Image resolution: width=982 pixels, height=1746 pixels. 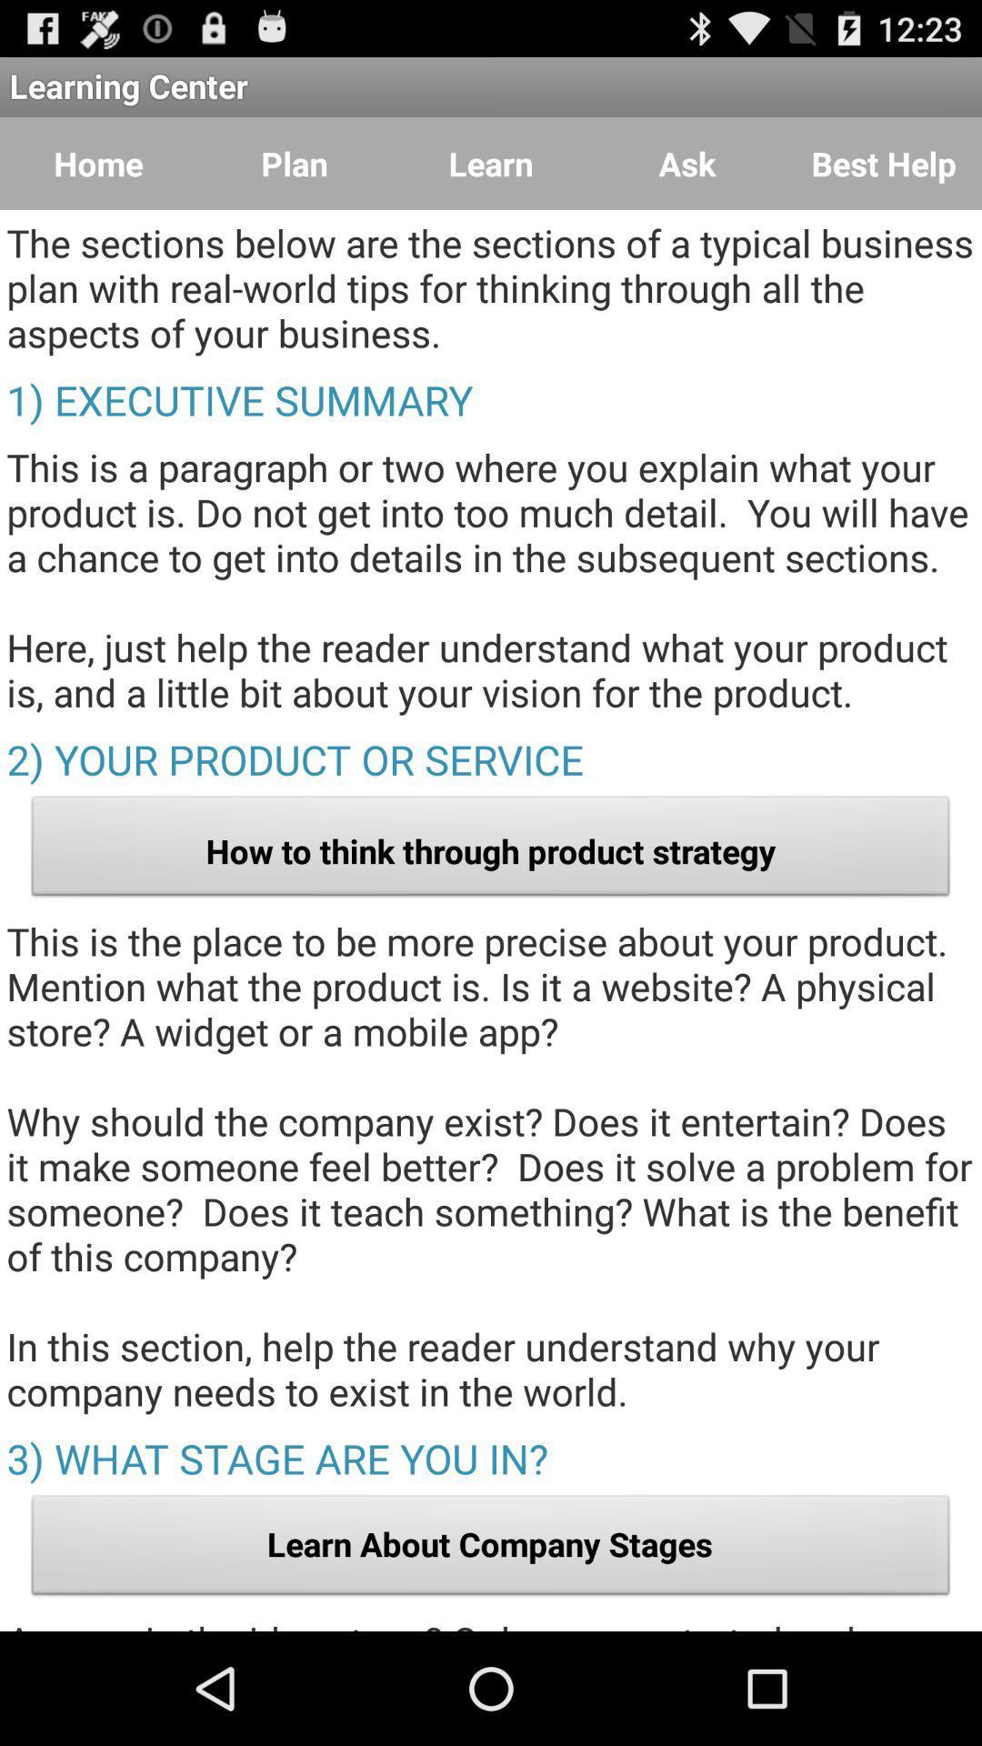 I want to click on the icon below the learning center app, so click(x=687, y=164).